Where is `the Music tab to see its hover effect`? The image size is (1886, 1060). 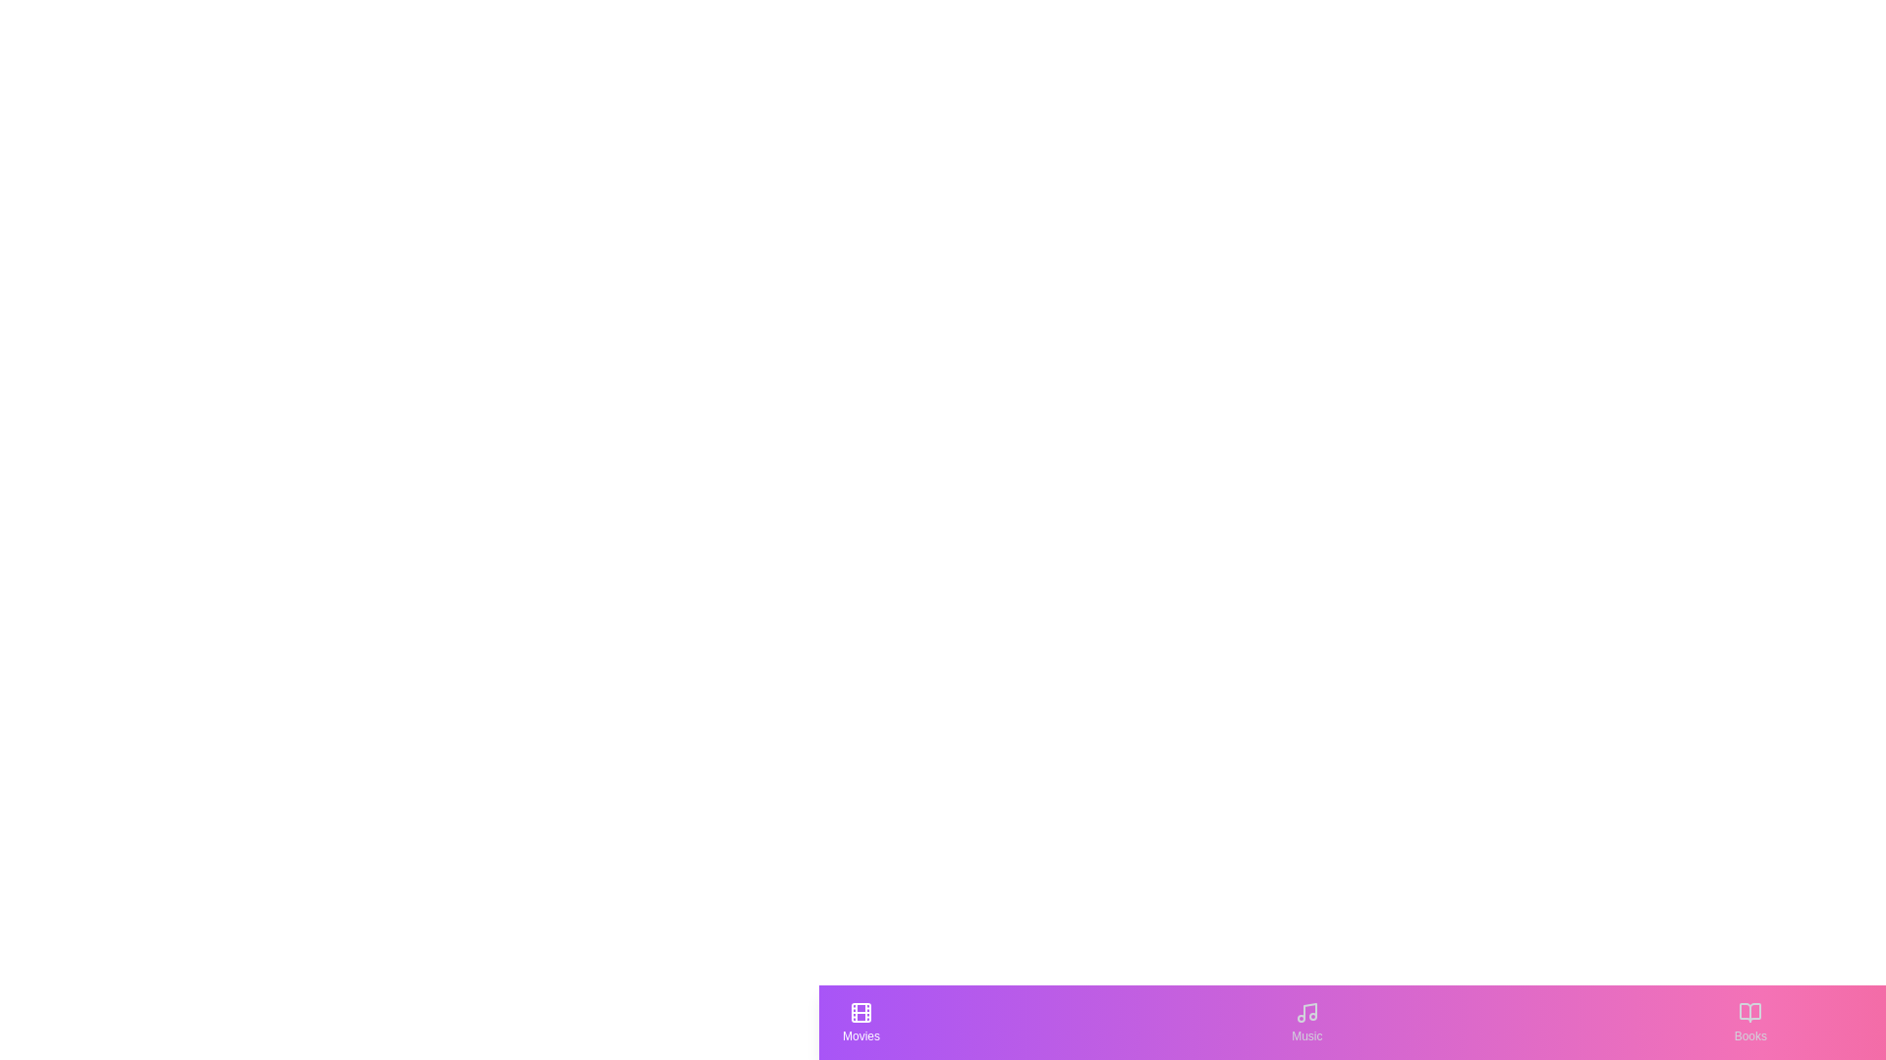 the Music tab to see its hover effect is located at coordinates (1305, 1021).